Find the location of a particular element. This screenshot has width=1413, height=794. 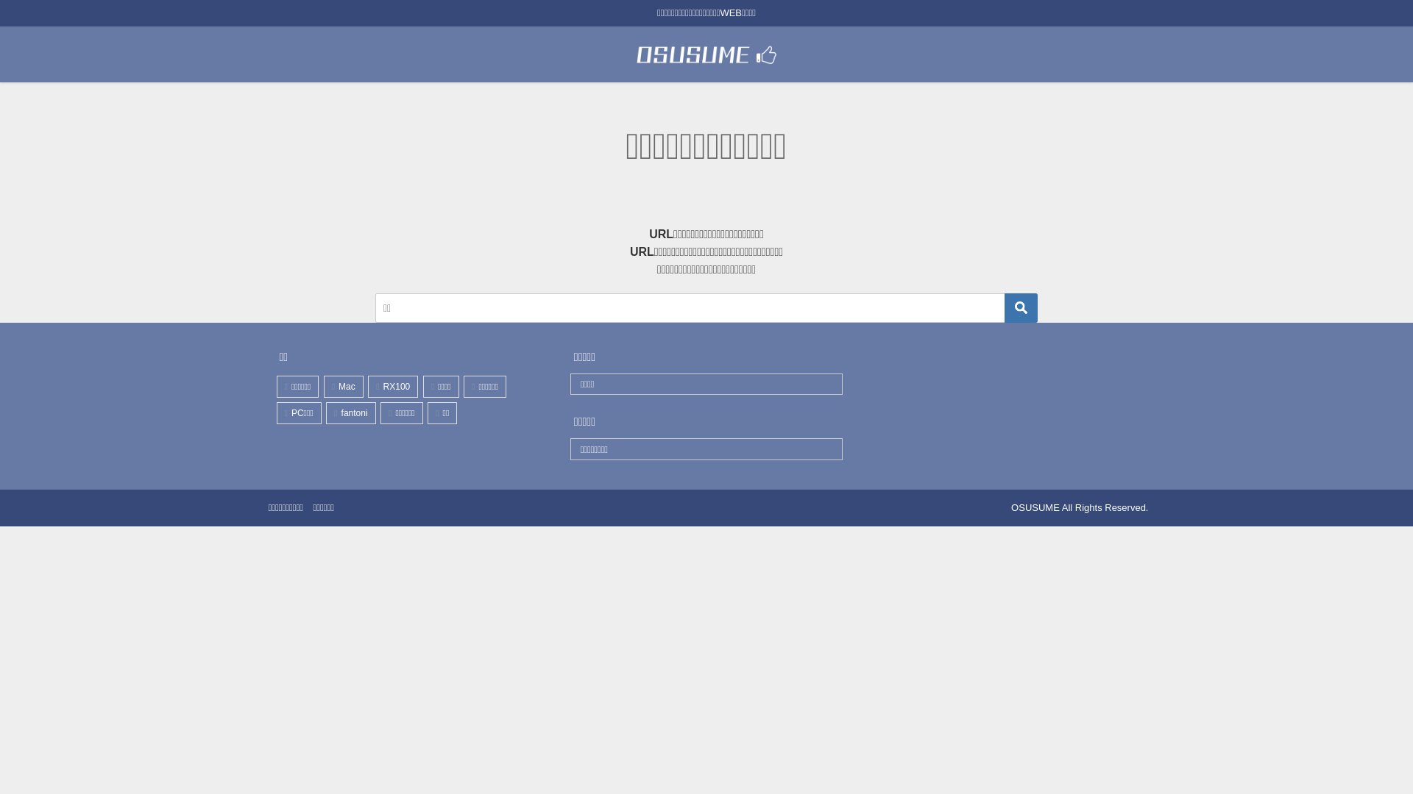

'RX100' is located at coordinates (392, 385).